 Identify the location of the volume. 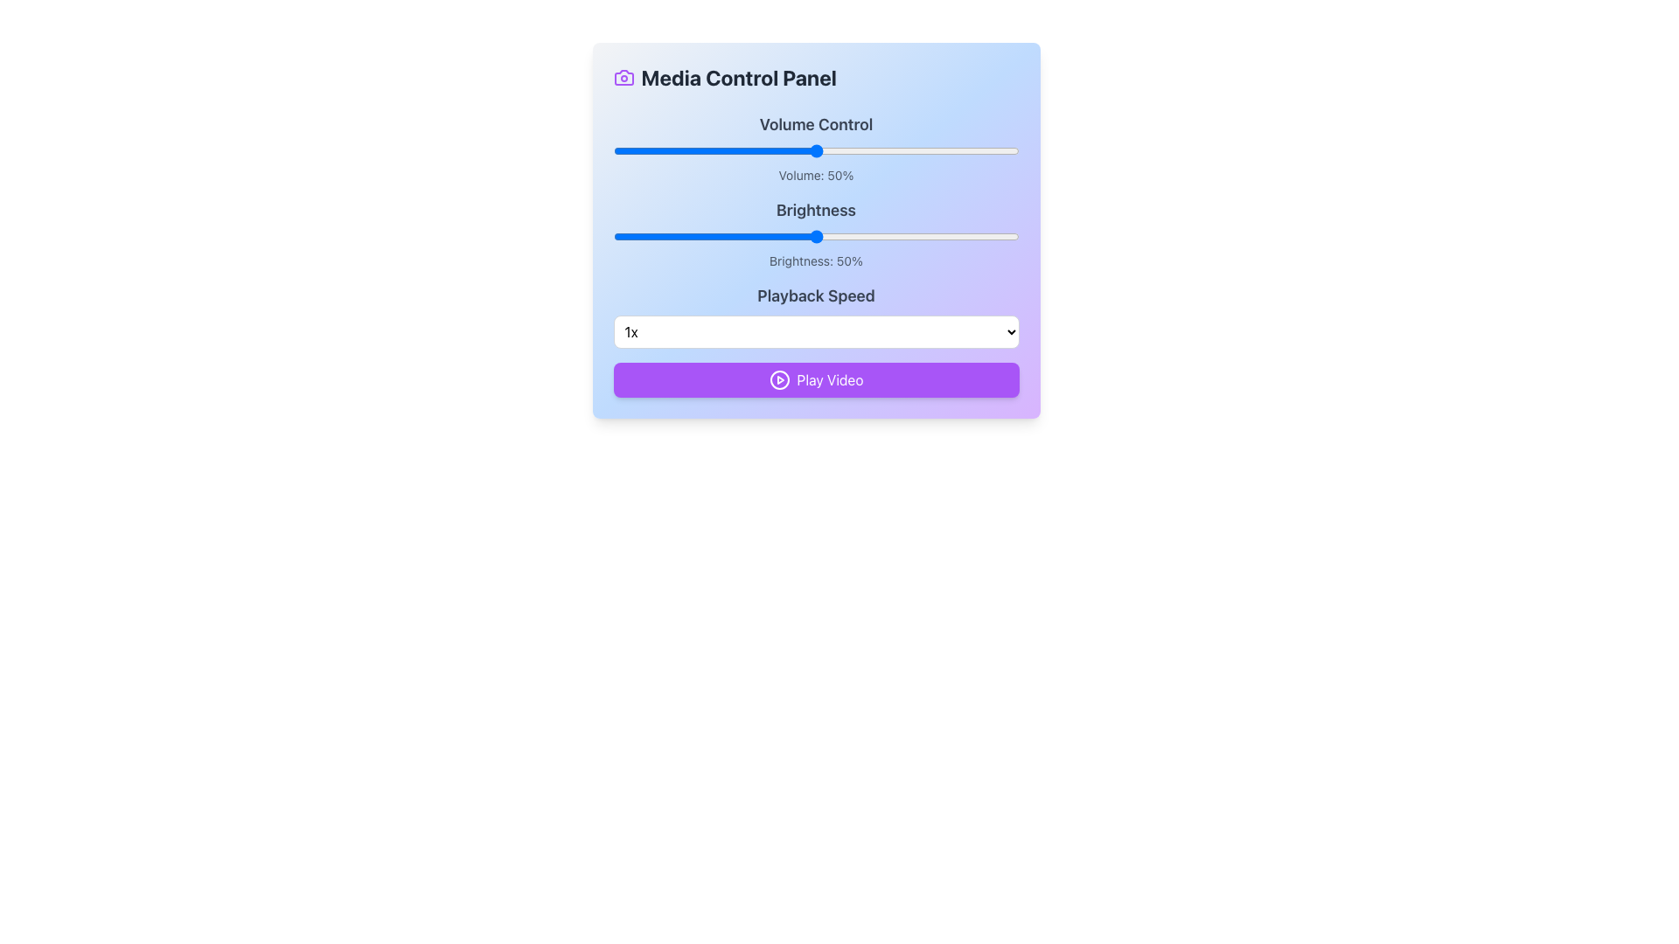
(697, 150).